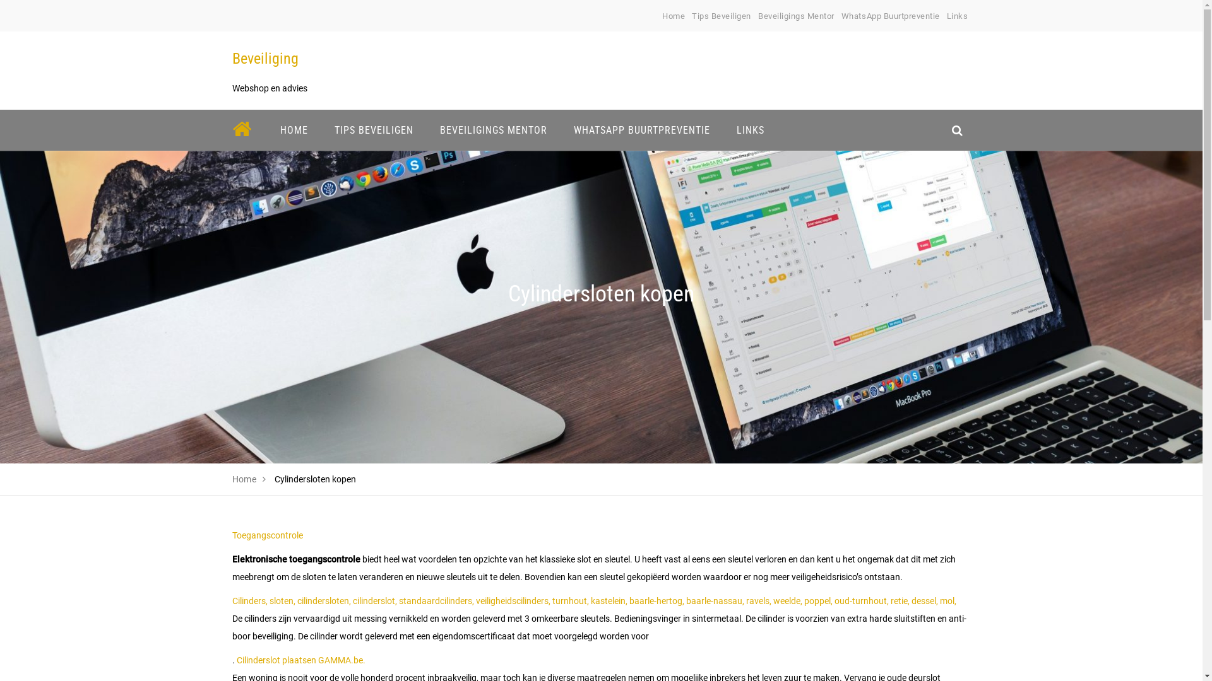 Image resolution: width=1212 pixels, height=681 pixels. I want to click on 'WHATSAPP BUURTPREVENTIE', so click(565, 130).